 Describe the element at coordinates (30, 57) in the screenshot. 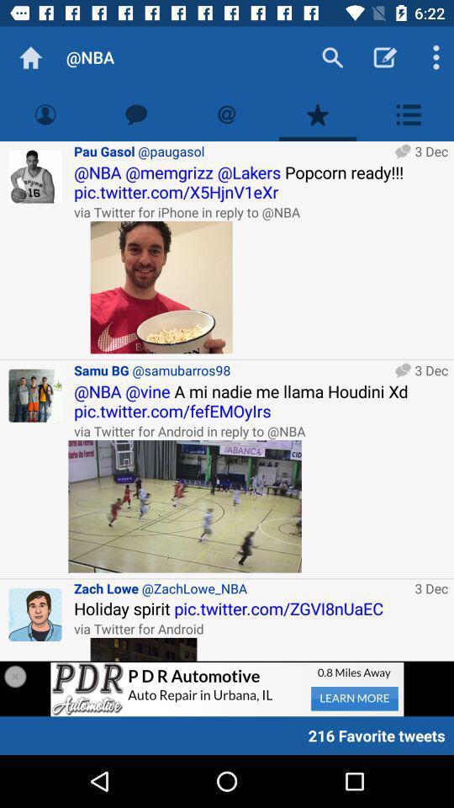

I see `return to home page` at that location.